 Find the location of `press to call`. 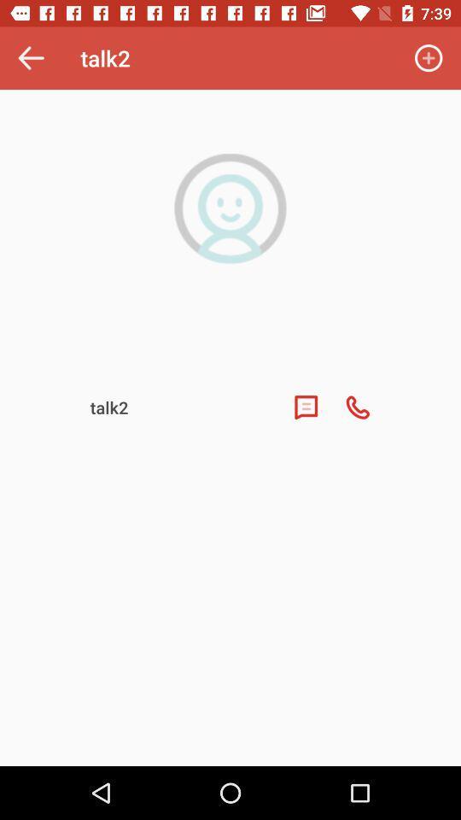

press to call is located at coordinates (357, 407).